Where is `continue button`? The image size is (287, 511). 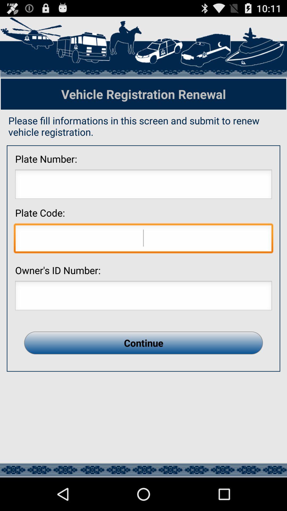
continue button is located at coordinates (143, 343).